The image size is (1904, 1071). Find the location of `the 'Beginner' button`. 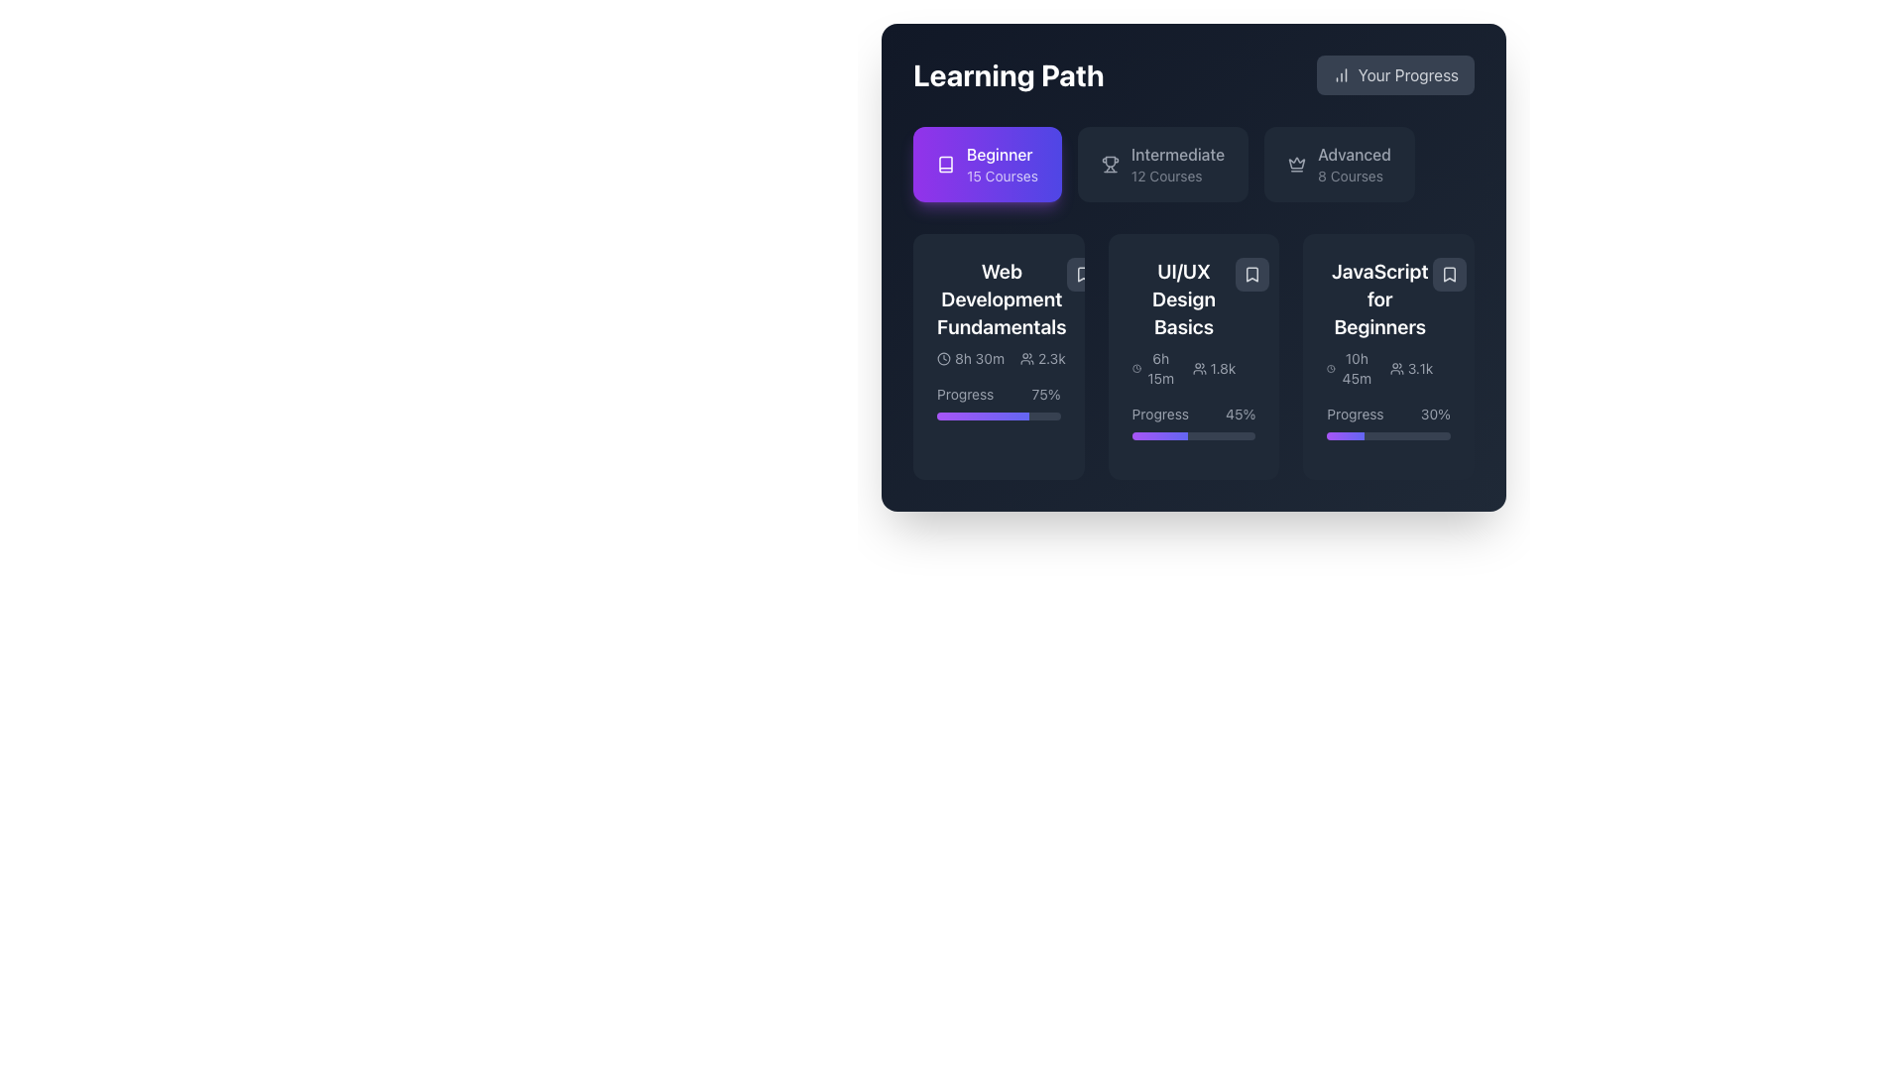

the 'Beginner' button is located at coordinates (987, 163).